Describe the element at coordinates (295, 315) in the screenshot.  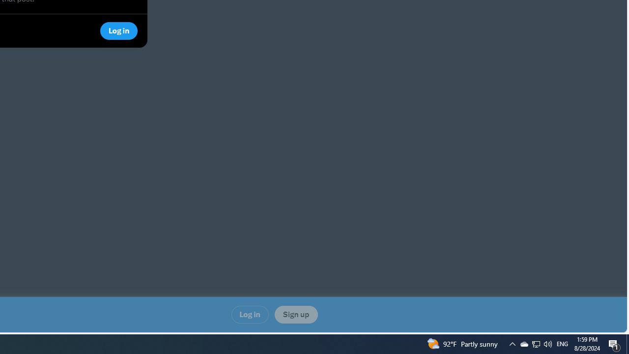
I see `'Sign up'` at that location.